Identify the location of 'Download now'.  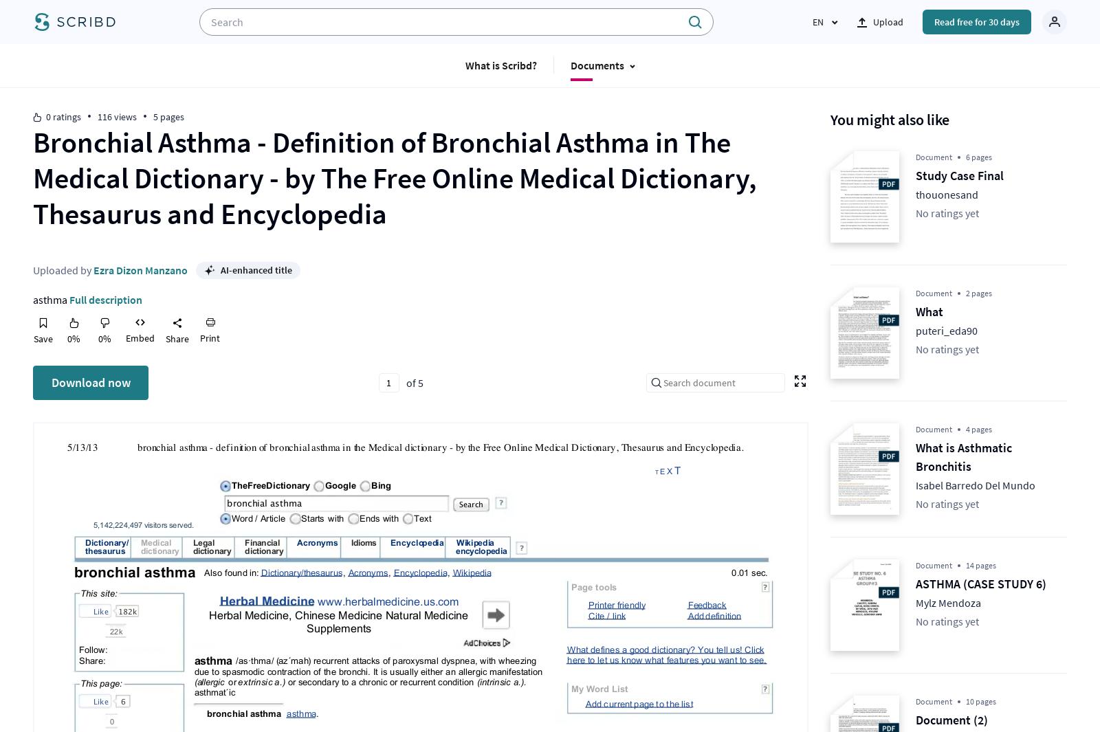
(89, 382).